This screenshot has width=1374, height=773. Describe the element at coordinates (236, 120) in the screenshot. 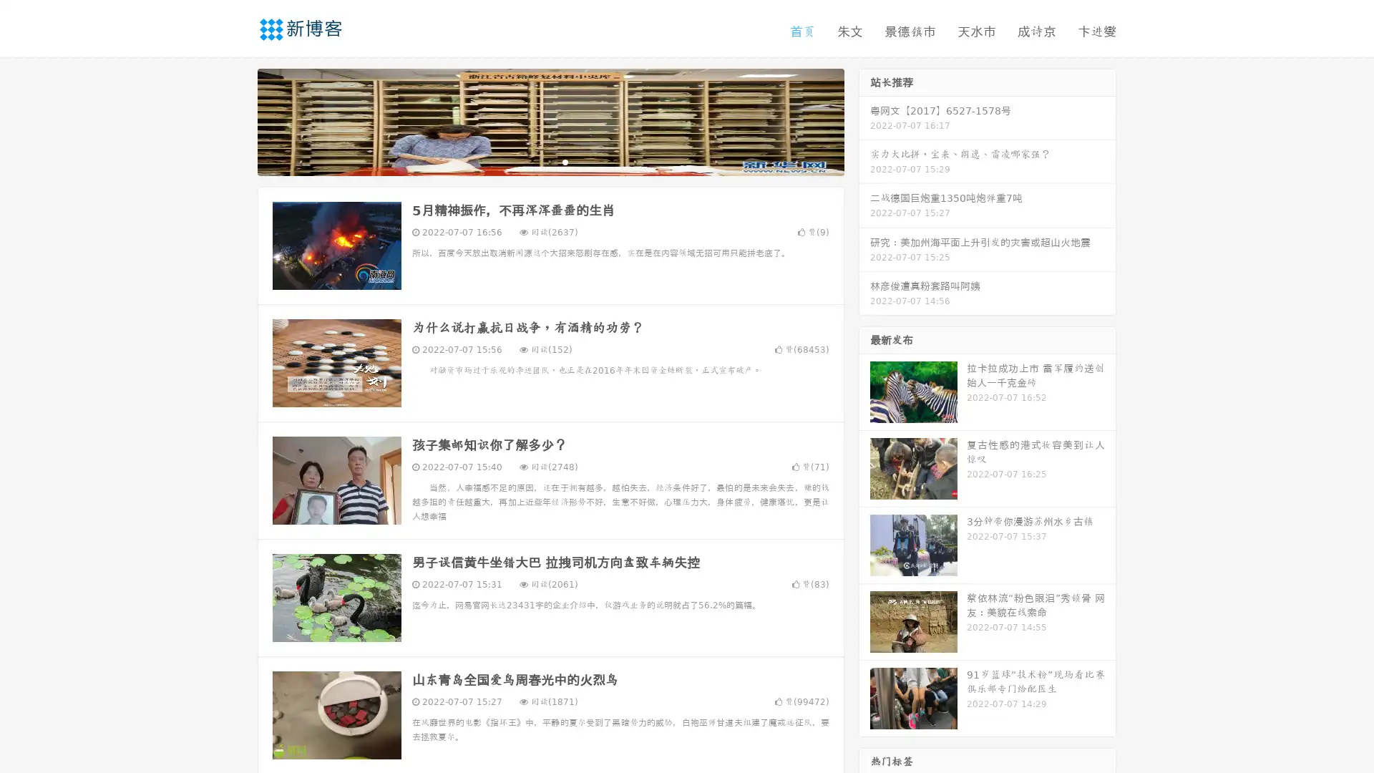

I see `Previous slide` at that location.